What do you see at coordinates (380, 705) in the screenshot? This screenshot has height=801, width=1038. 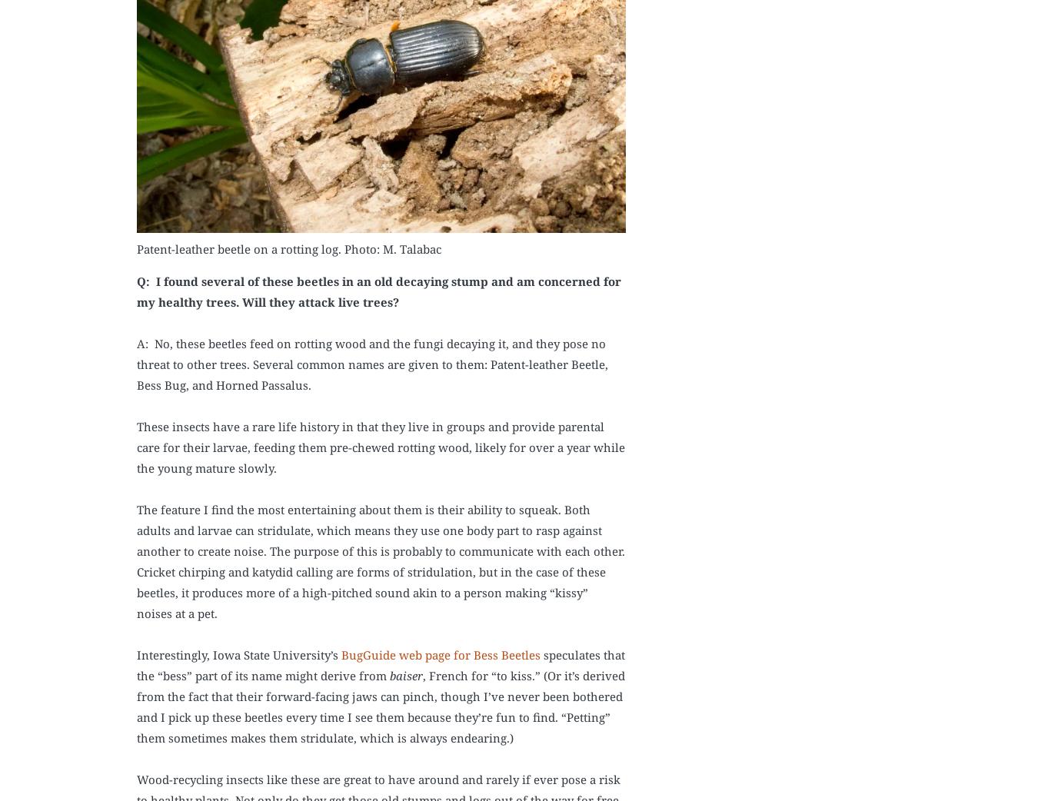 I see `', French for “to kiss.” (Or it’s derived from the fact that their forward-facing jaws can pinch, though I’ve never been bothered and I pick up these beetles every time I see them because they’re fun to find. “Petting” them sometimes makes them stridulate, which is always endearing.)'` at bounding box center [380, 705].